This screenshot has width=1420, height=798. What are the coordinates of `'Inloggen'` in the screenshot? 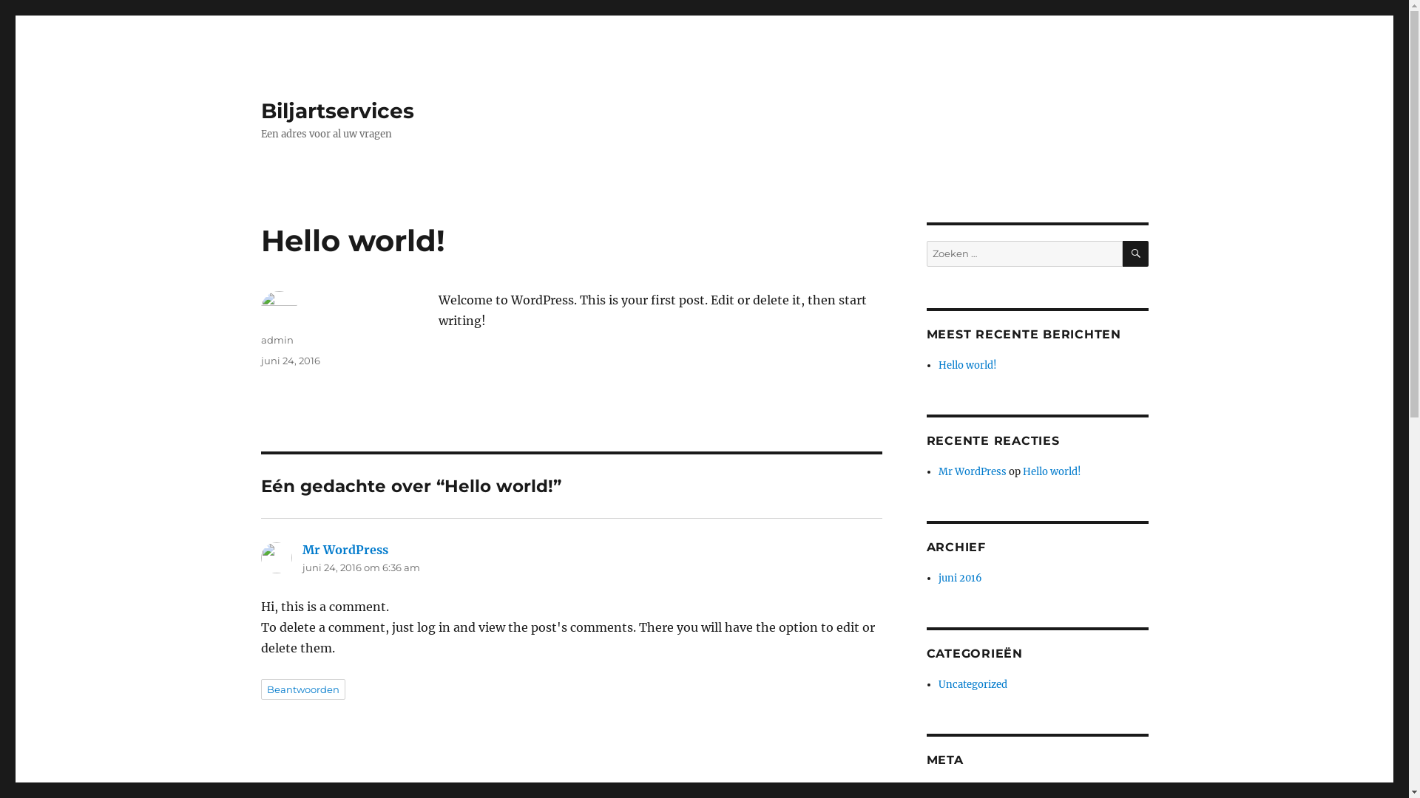 It's located at (937, 790).